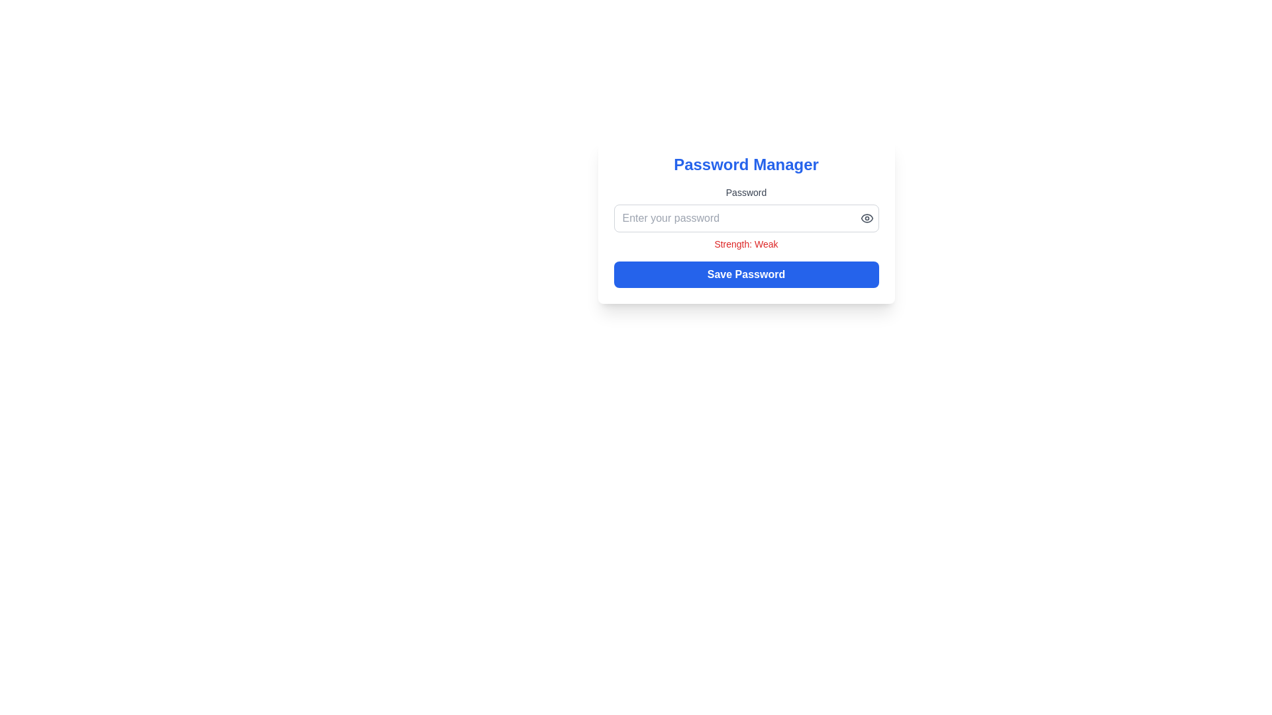  Describe the element at coordinates (867, 218) in the screenshot. I see `the eye icon button at the far-right end of the password input field` at that location.